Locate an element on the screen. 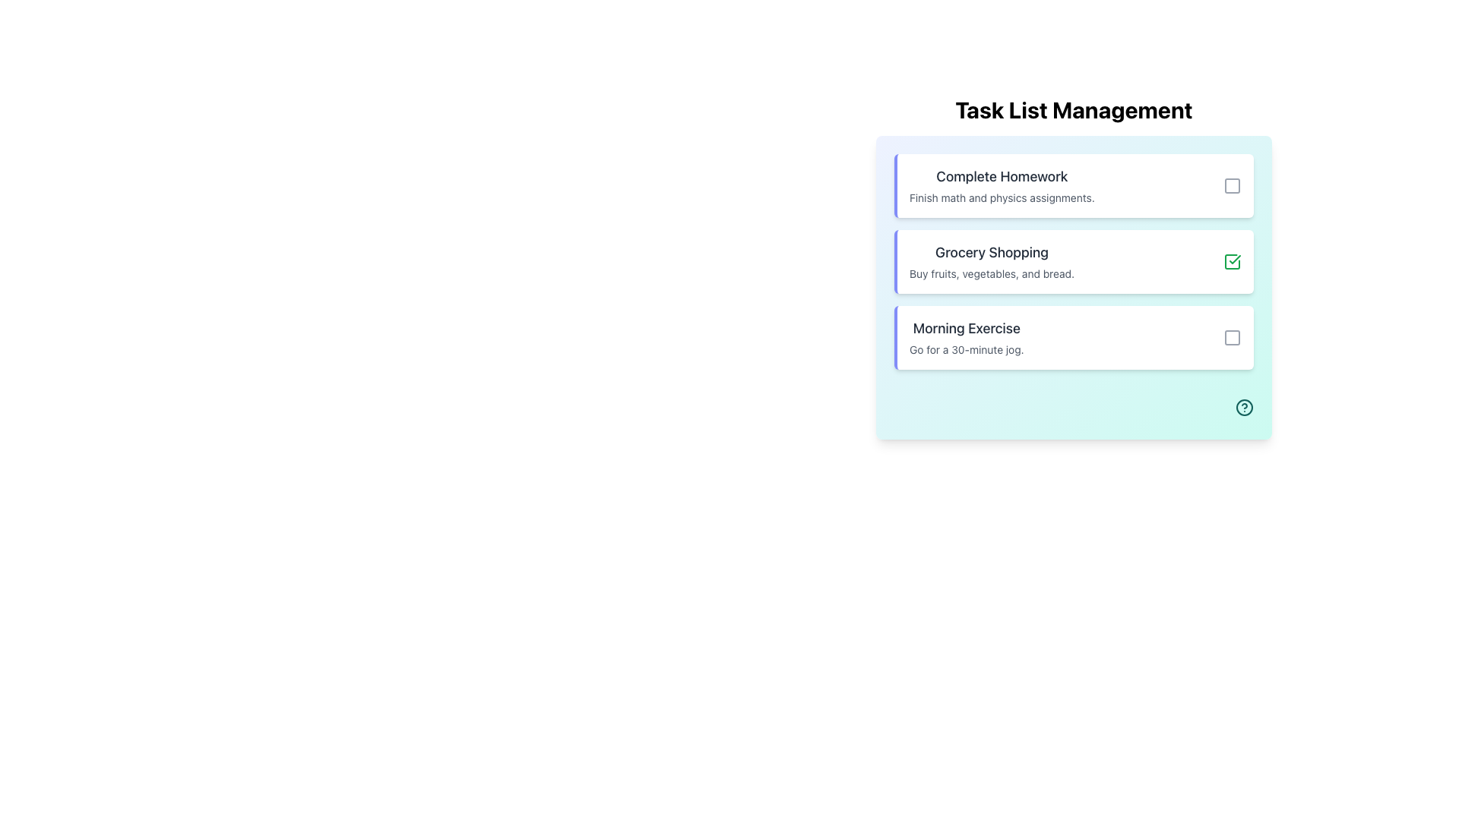 The height and width of the screenshot is (820, 1459). the square icon button with a gray border located to the right of the 'Complete Homework' task item in the task list to interact with the task is located at coordinates (1233, 185).